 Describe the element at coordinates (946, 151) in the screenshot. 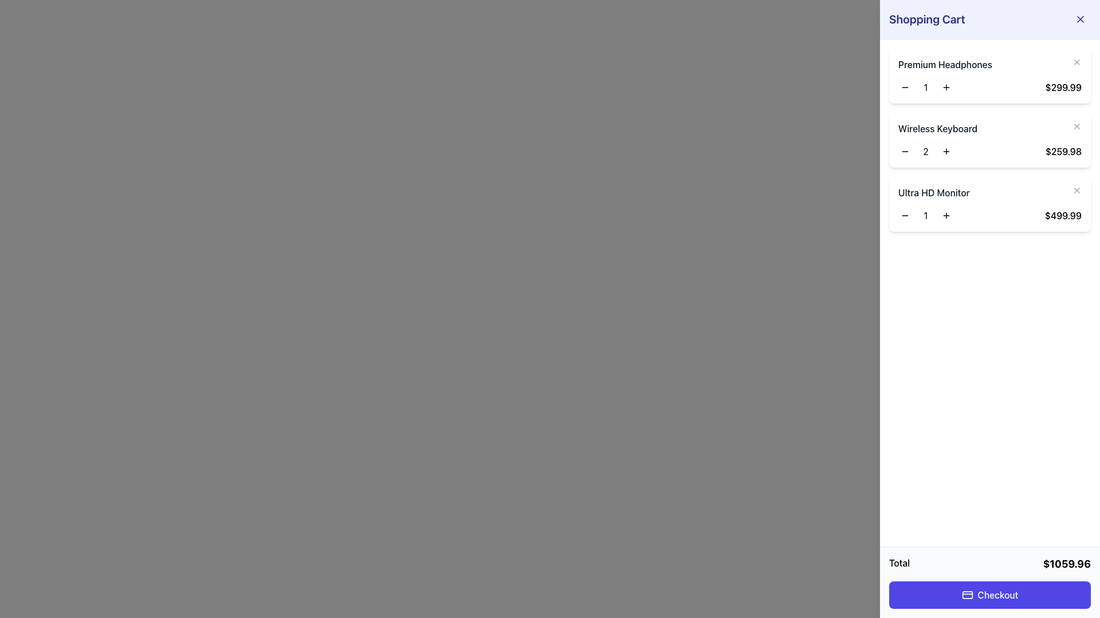

I see `the increment button to increase the quantity of the 'Wireless Keyboard' in the shopping cart by one` at that location.